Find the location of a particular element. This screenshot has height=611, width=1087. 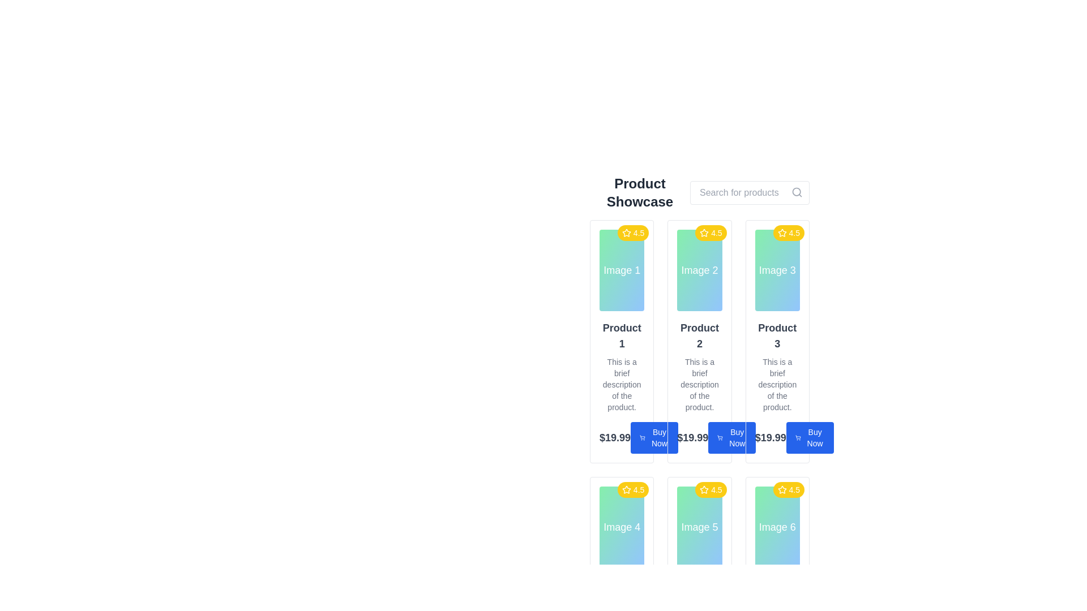

the star-shaped icon located in the rating section of the first product card, which features a yellow fill color and is positioned above the product title and image is located at coordinates (626, 232).